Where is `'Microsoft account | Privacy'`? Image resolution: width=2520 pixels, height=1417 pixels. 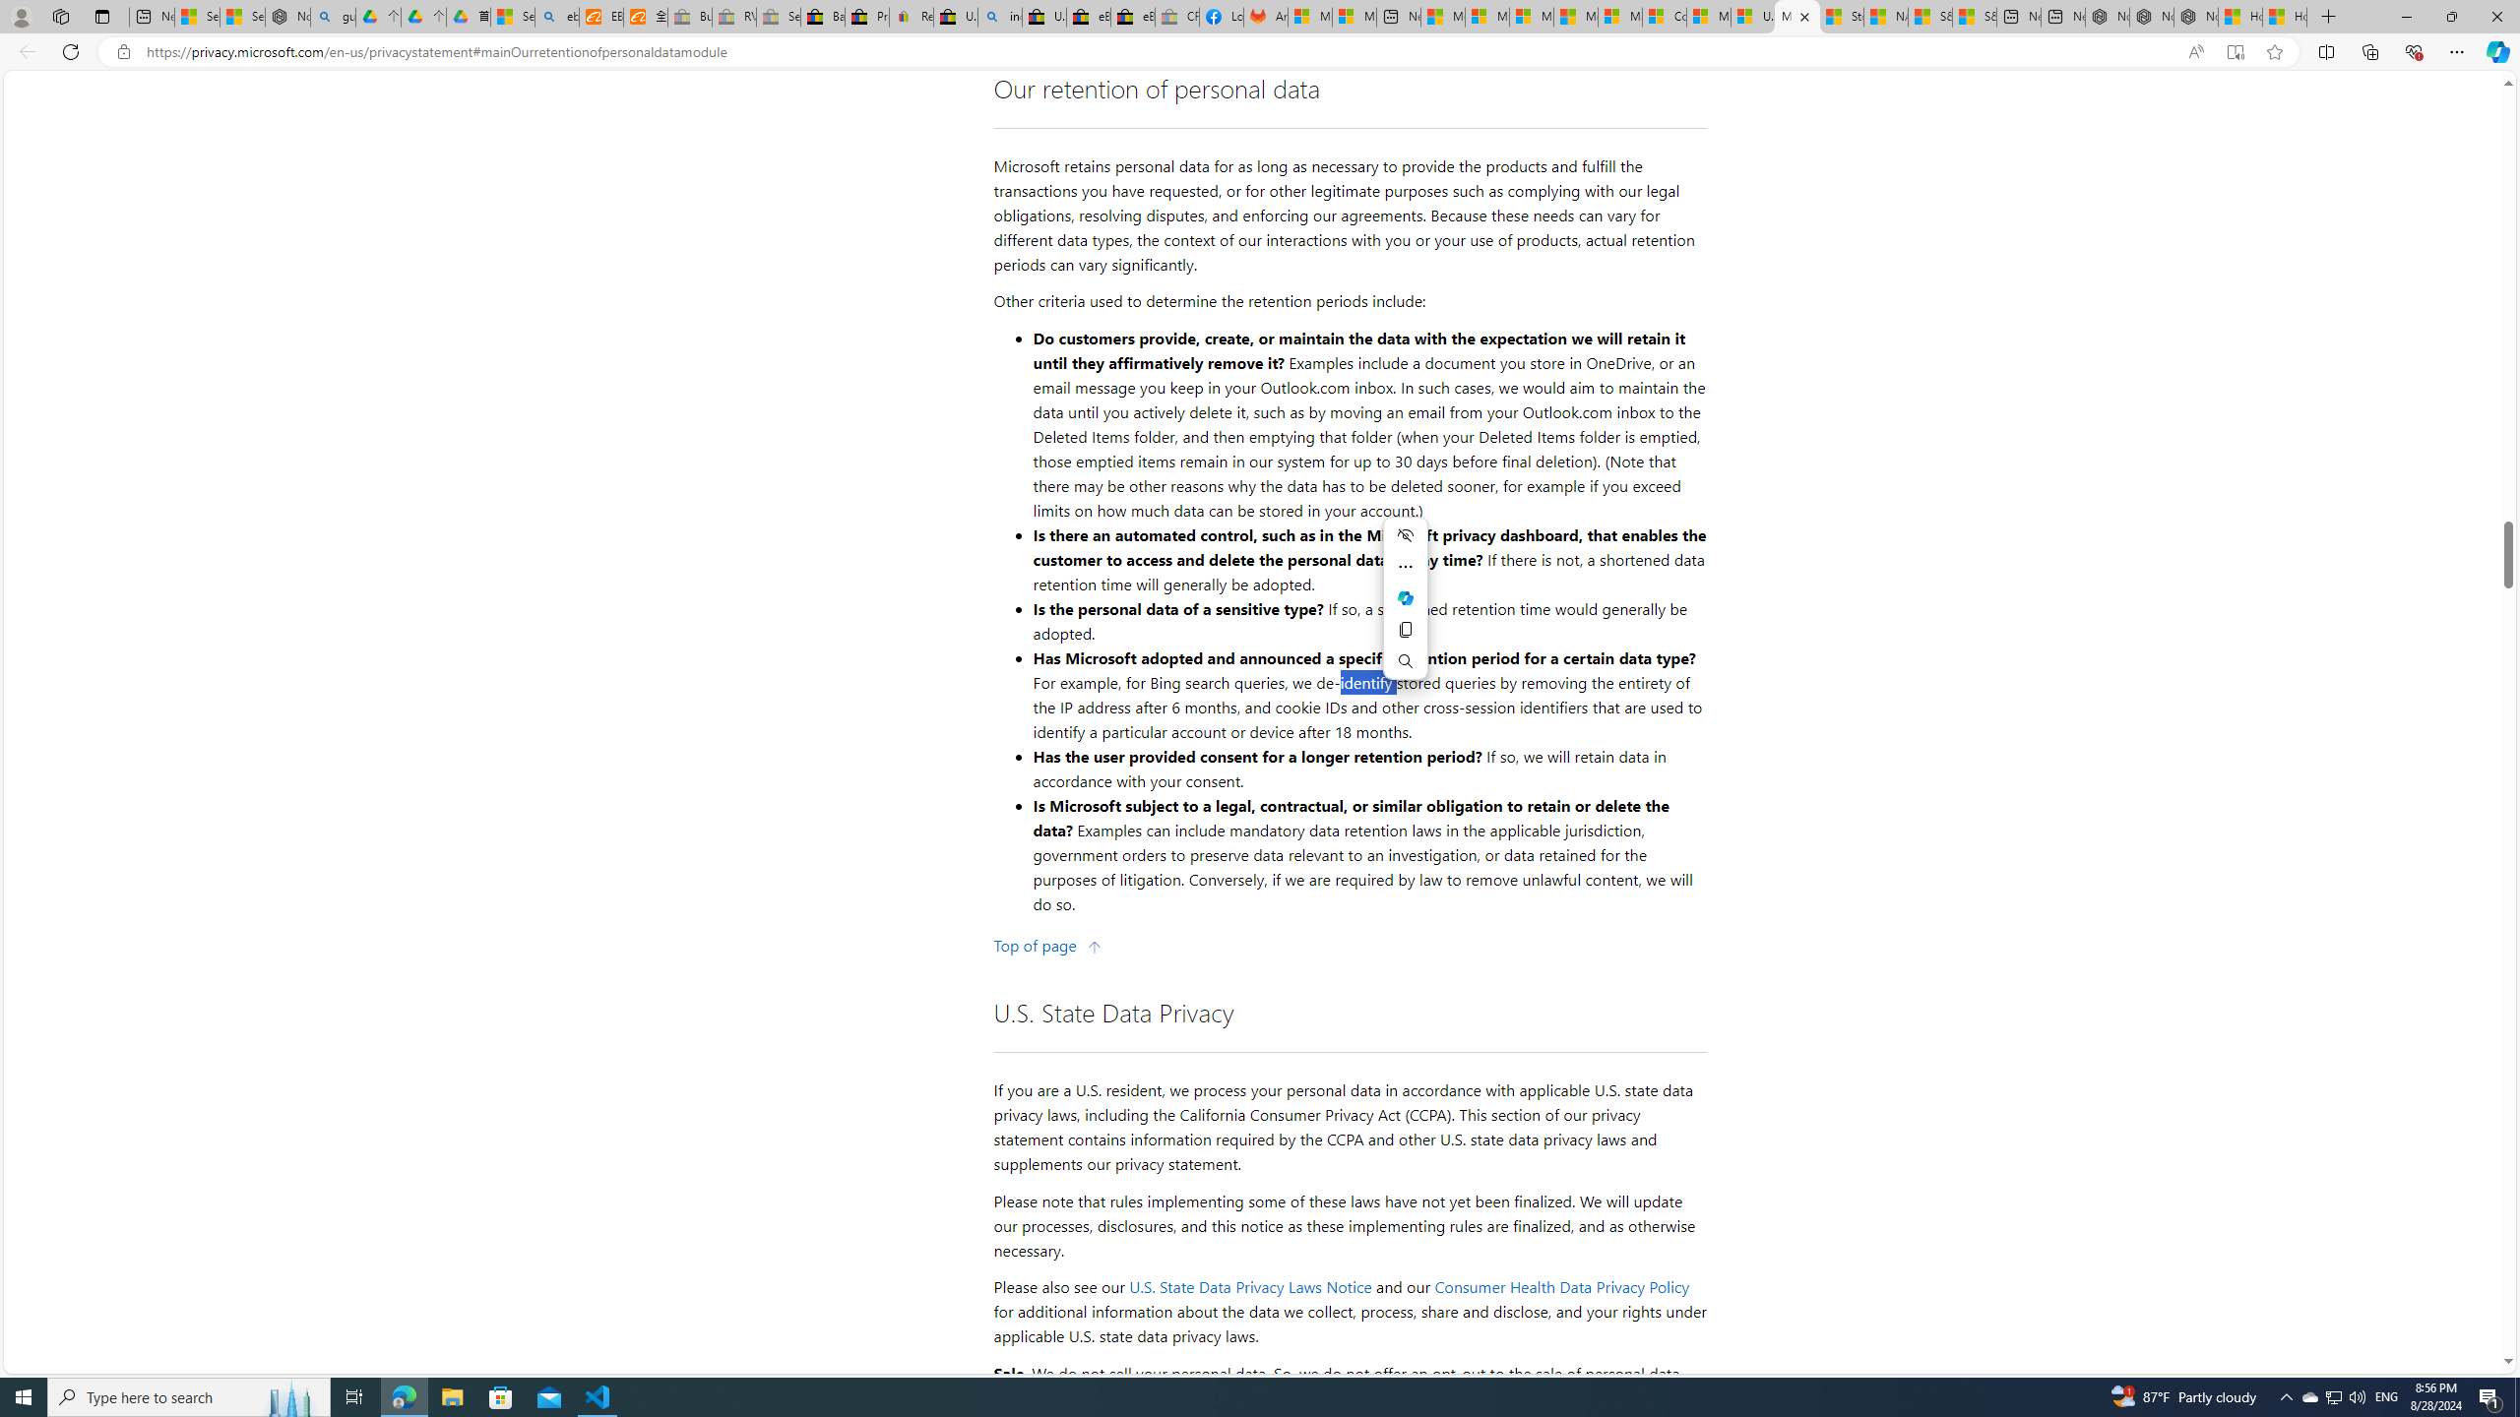 'Microsoft account | Privacy' is located at coordinates (1485, 16).